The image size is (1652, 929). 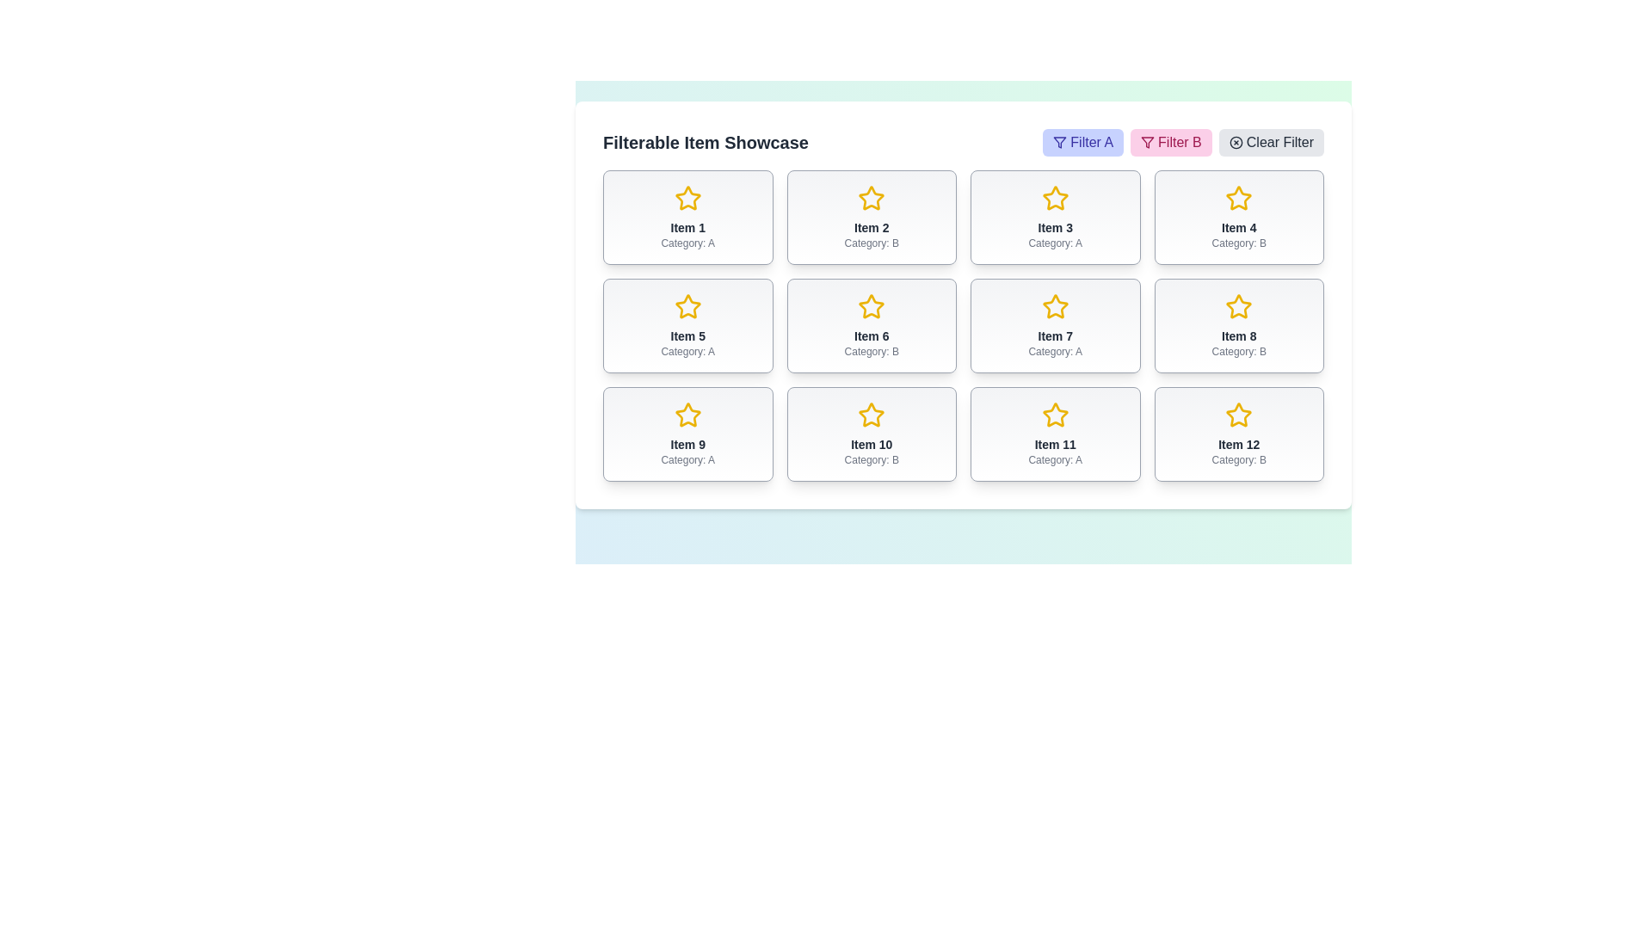 I want to click on the circular component of the 'X' icon, which is located at the top-right corner of the layout, adjacent to the 'Clear Filter' label, so click(x=1235, y=141).